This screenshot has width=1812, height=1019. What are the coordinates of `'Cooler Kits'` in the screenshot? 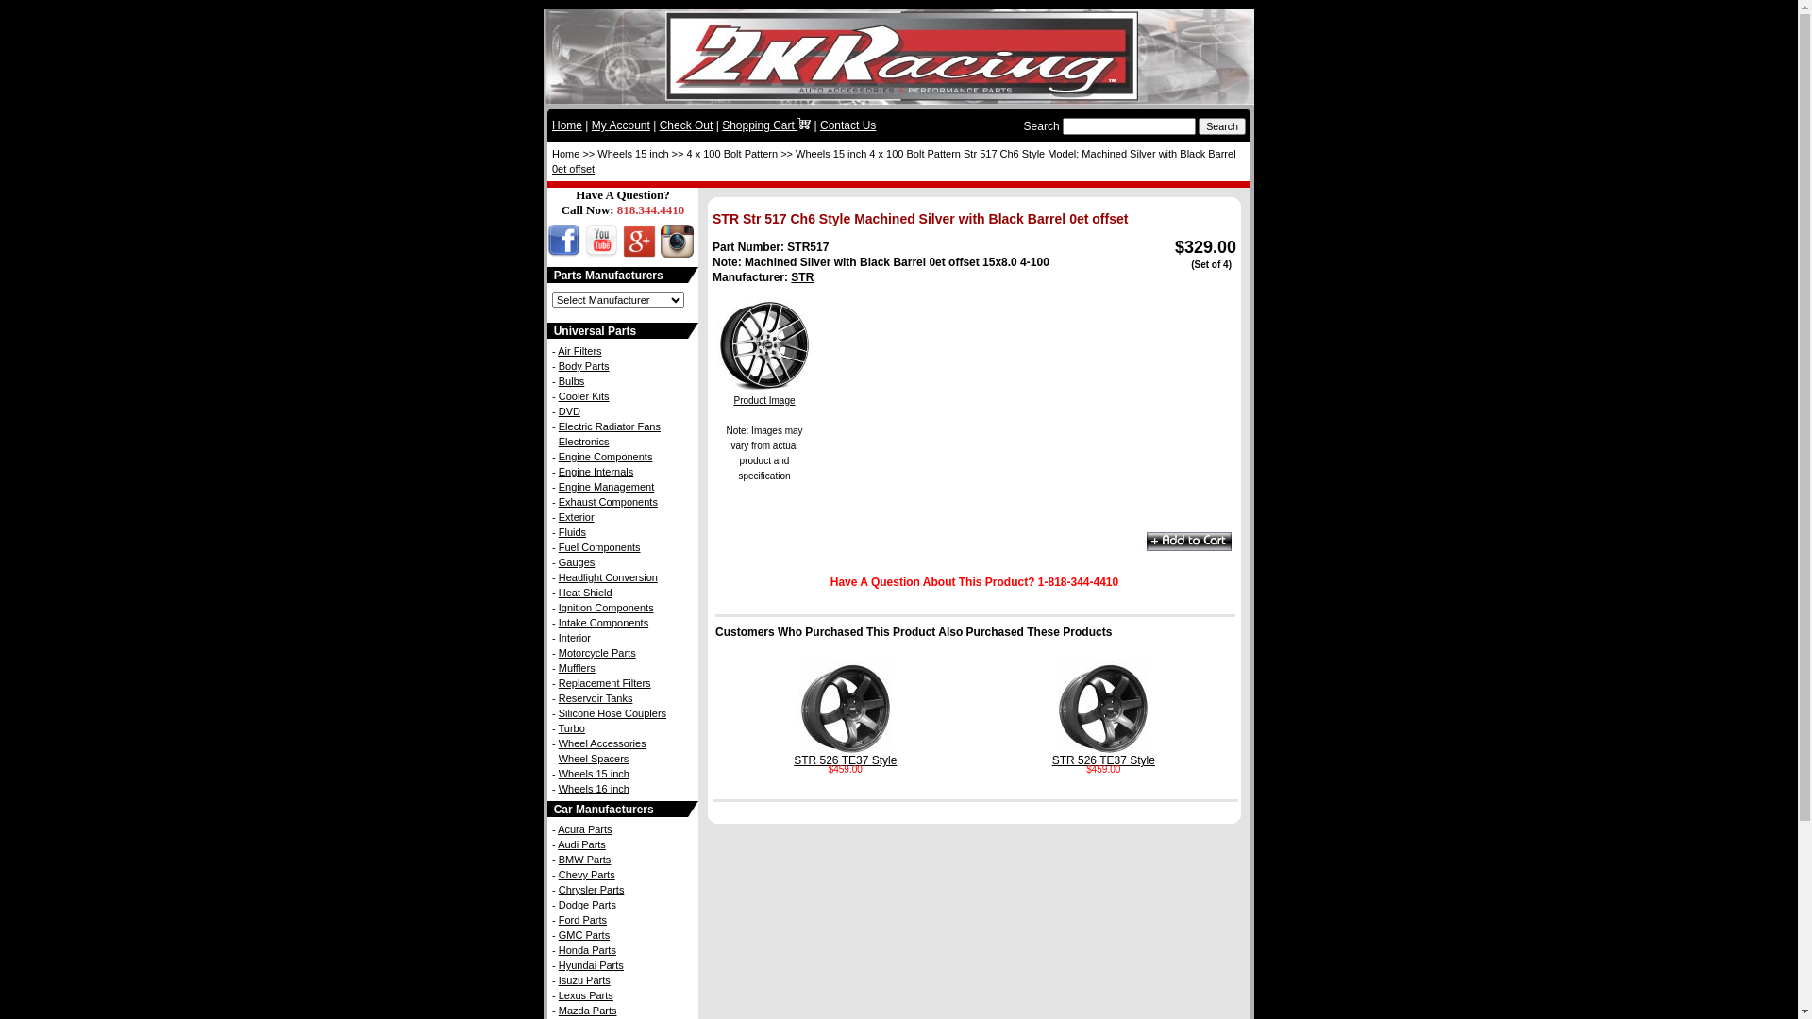 It's located at (557, 395).